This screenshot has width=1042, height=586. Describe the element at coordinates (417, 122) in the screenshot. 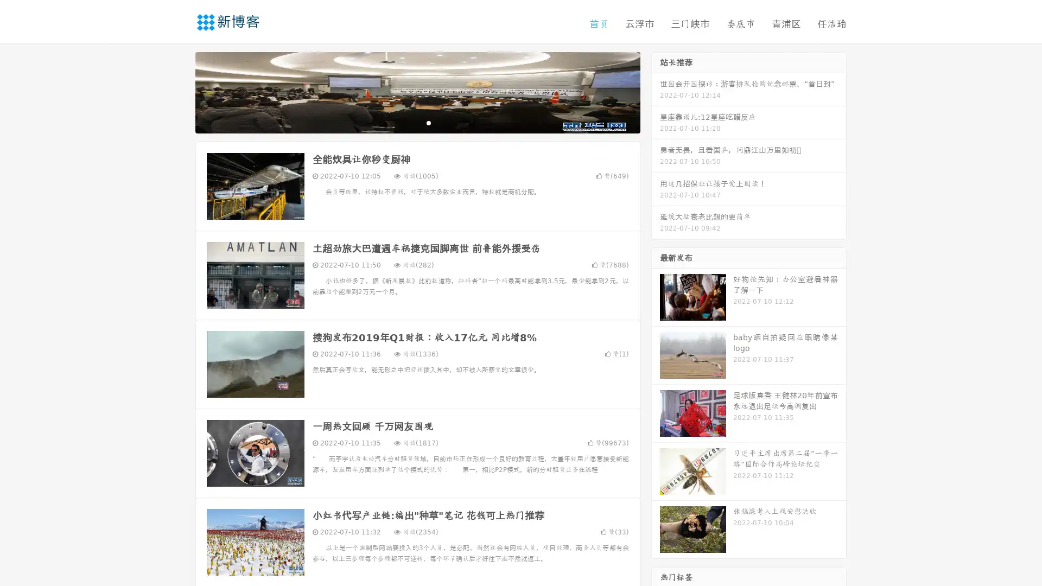

I see `Go to slide 2` at that location.